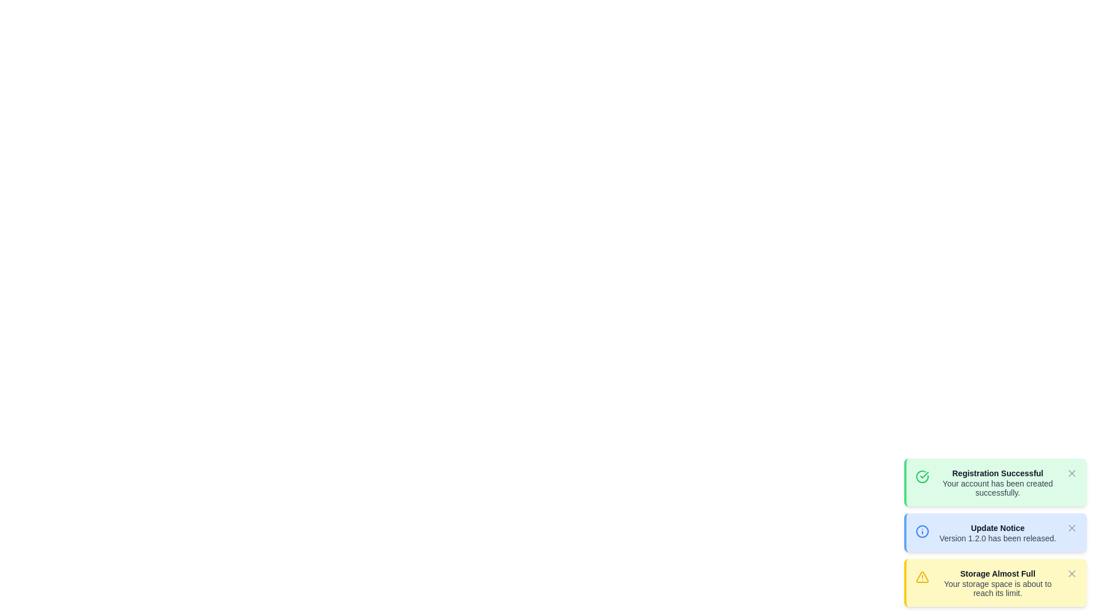 This screenshot has height=616, width=1096. What do you see at coordinates (922, 532) in the screenshot?
I see `the visual indicator icon located at the left of the header in the 'Update Notice' notification card under 'Registration Successful'` at bounding box center [922, 532].